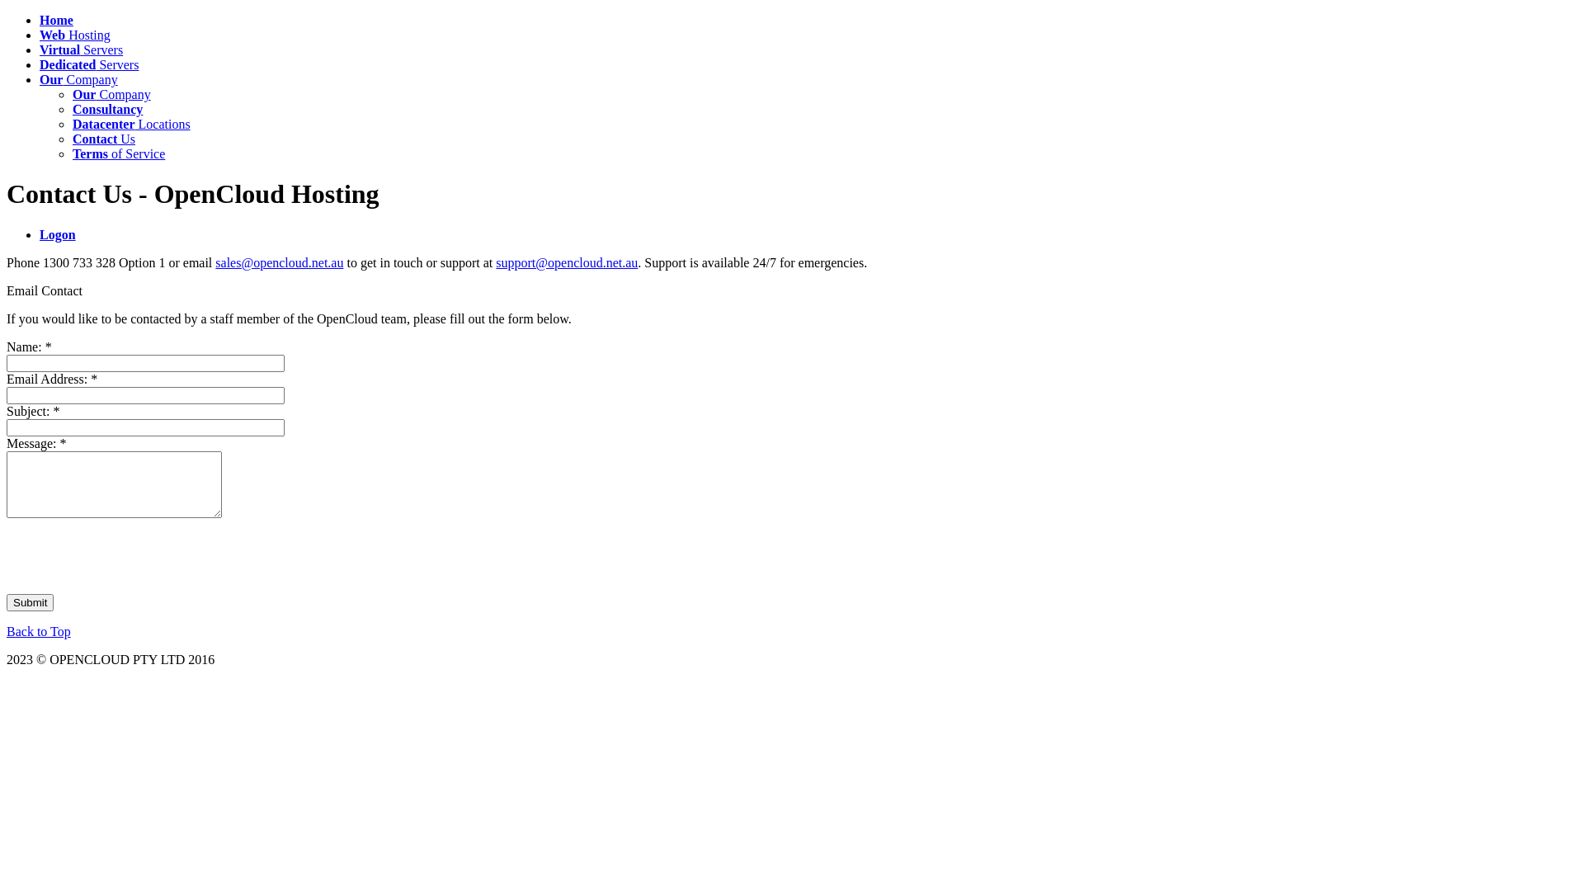  Describe the element at coordinates (118, 153) in the screenshot. I see `'Terms of Service'` at that location.